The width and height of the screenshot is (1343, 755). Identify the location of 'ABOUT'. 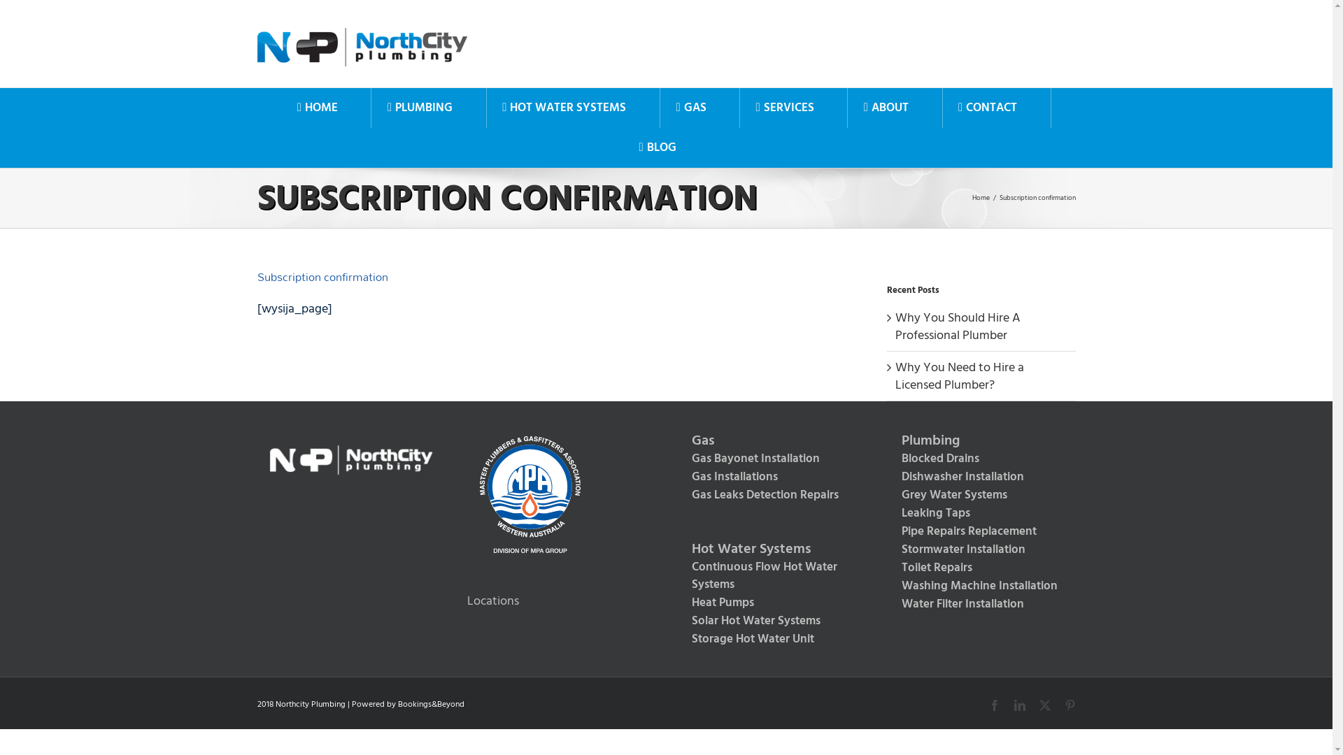
(885, 107).